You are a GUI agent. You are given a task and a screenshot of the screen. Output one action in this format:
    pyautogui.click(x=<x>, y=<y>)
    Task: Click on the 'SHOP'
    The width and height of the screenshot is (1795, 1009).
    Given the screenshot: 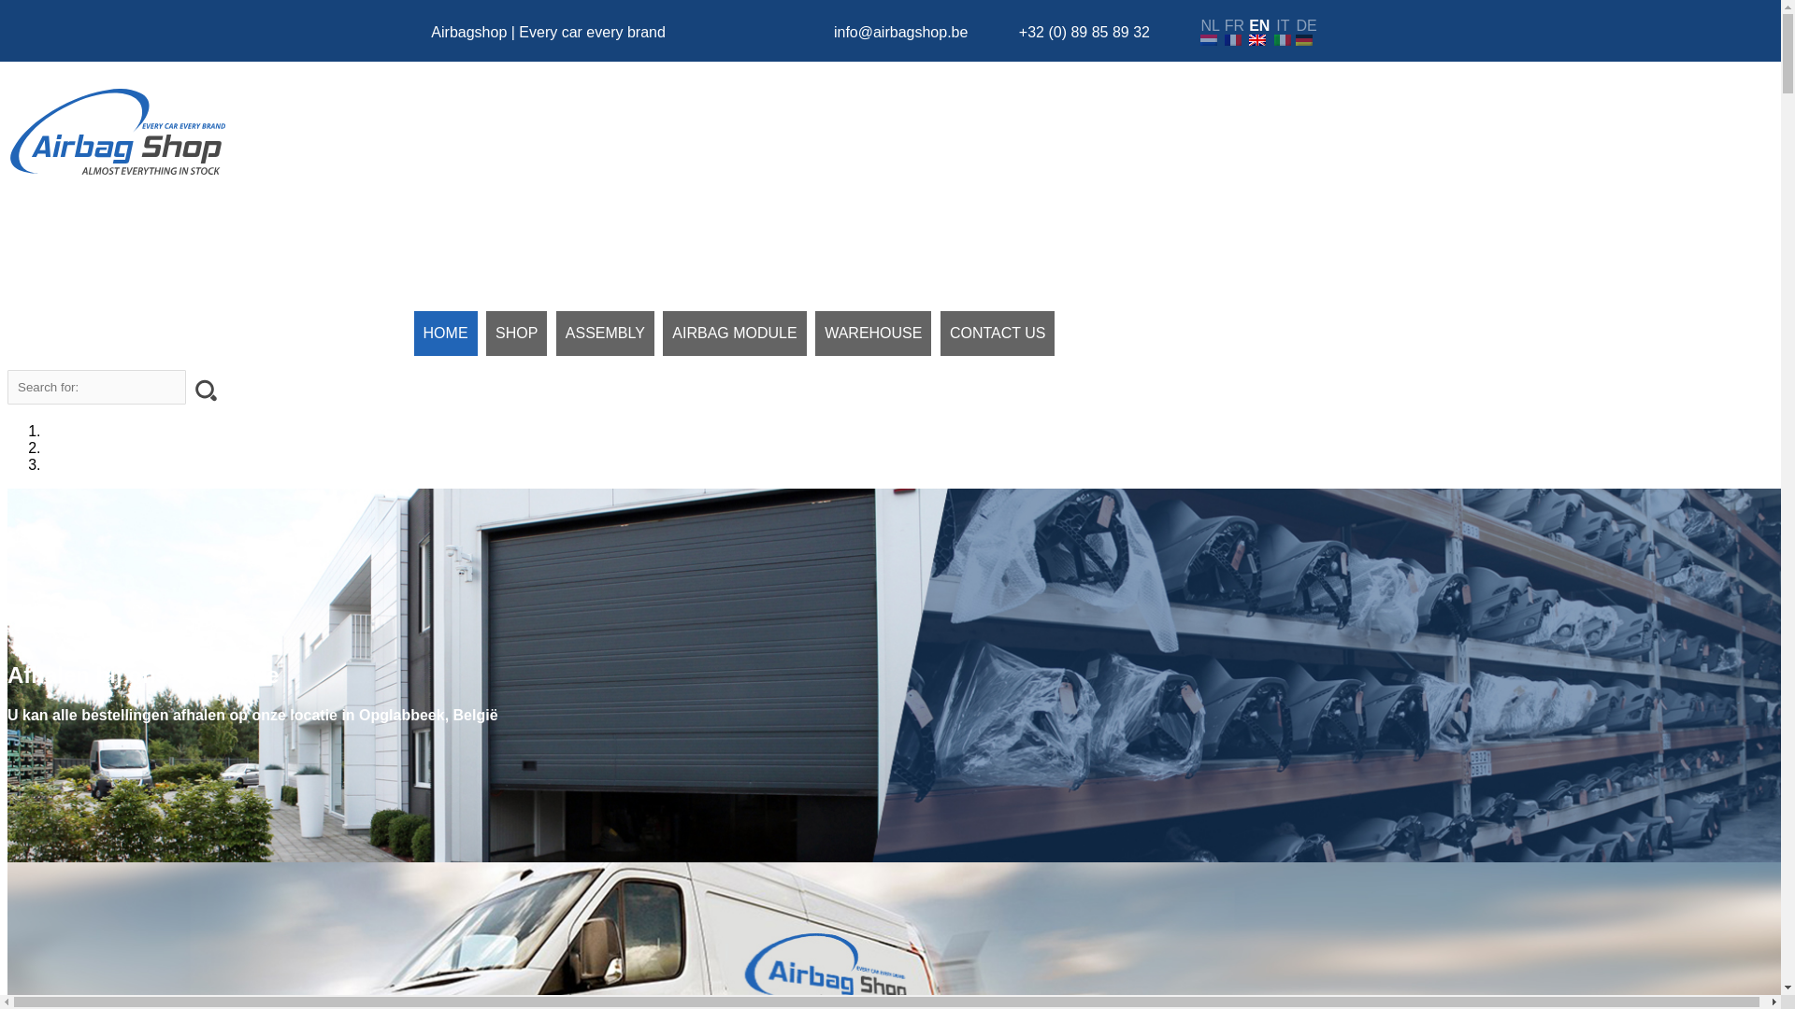 What is the action you would take?
    pyautogui.click(x=516, y=333)
    